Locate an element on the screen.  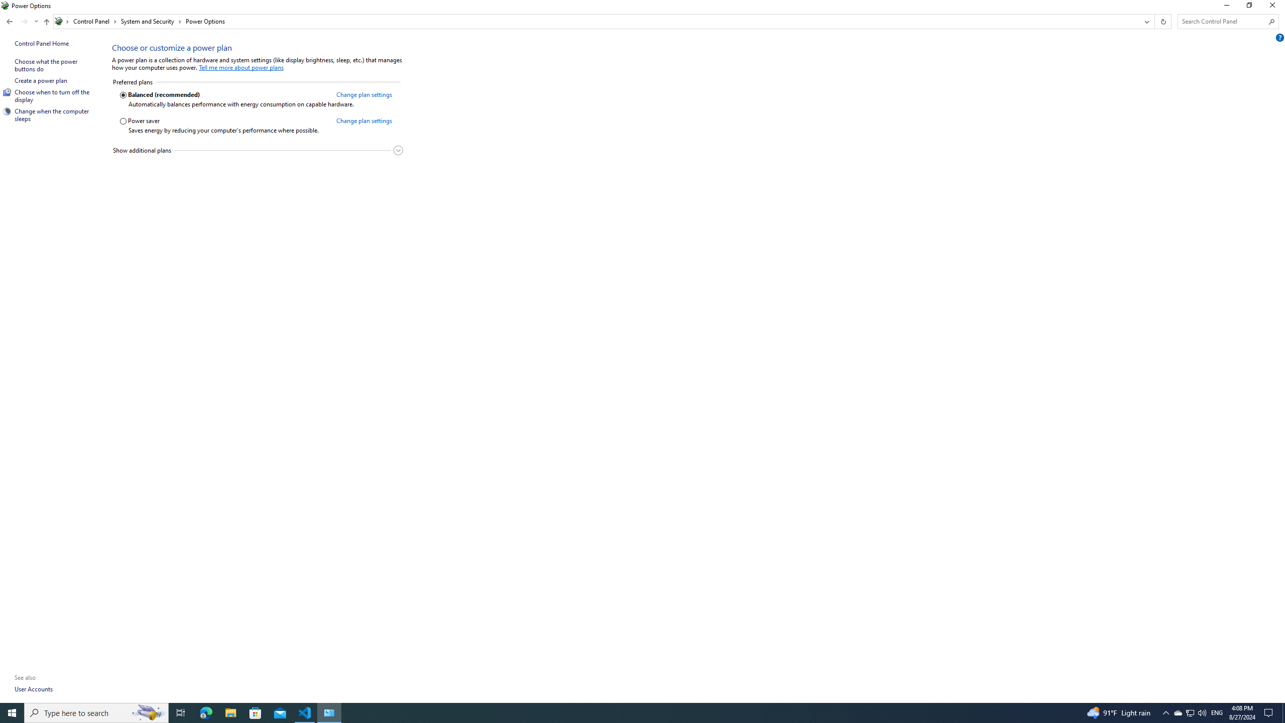
'Search' is located at coordinates (1271, 21).